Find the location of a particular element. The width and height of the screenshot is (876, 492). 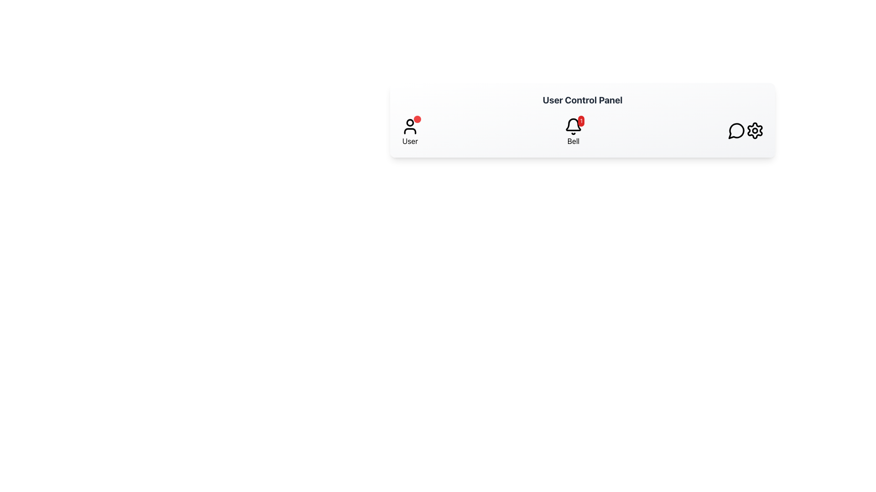

the notification button in the User Control Panel is located at coordinates (582, 132).